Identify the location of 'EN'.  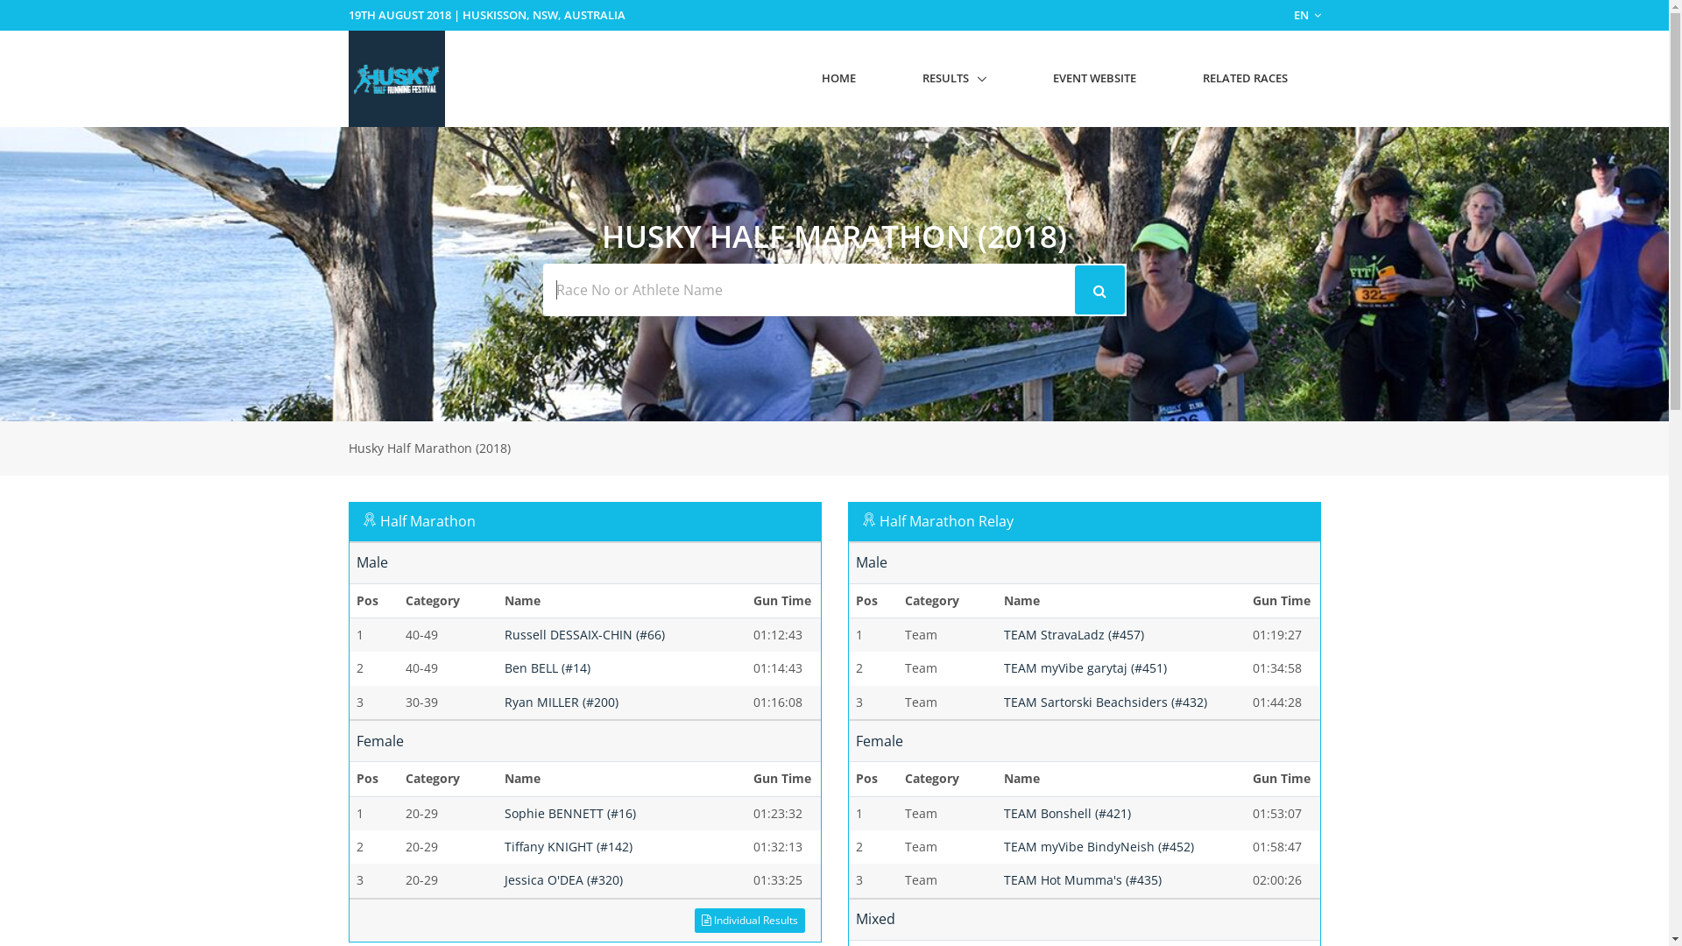
(1306, 14).